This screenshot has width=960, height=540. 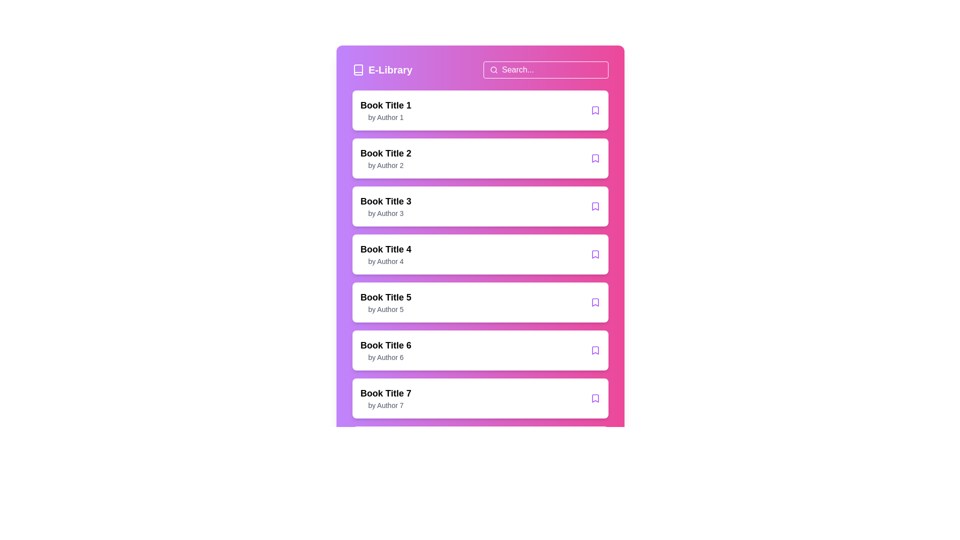 What do you see at coordinates (385, 157) in the screenshot?
I see `the text block displaying 'Book Title 2' and 'by Author 2', which is the second item in a vertical list on the main display` at bounding box center [385, 157].